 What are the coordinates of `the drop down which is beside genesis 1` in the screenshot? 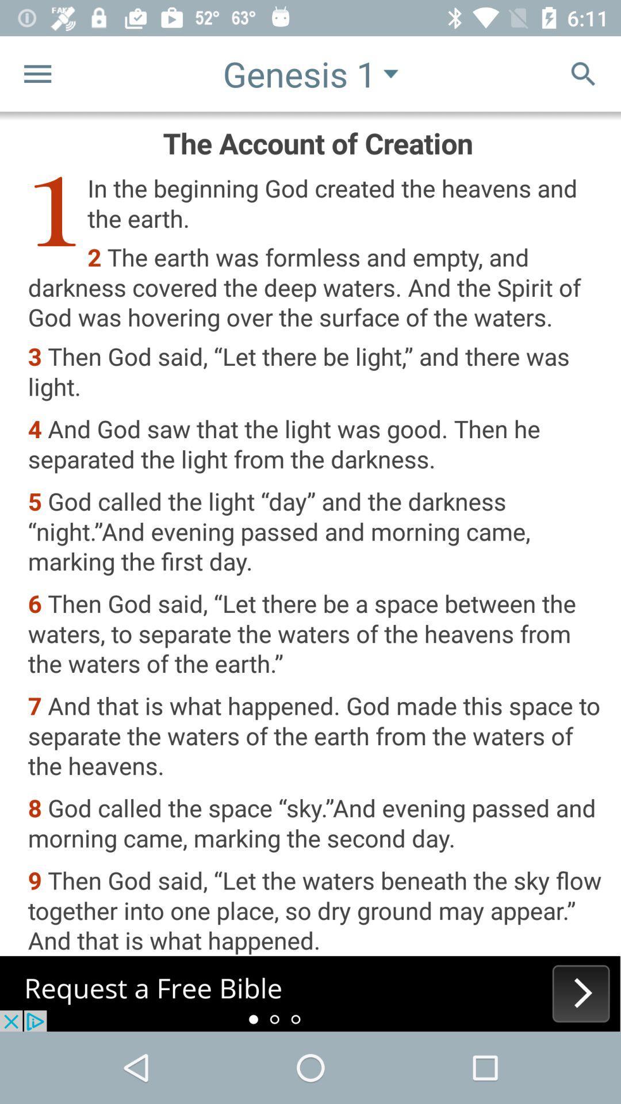 It's located at (390, 74).